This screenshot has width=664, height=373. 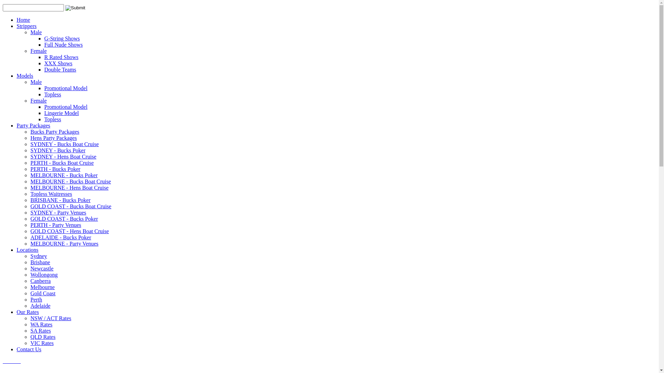 What do you see at coordinates (44, 63) in the screenshot?
I see `'XXX Shows'` at bounding box center [44, 63].